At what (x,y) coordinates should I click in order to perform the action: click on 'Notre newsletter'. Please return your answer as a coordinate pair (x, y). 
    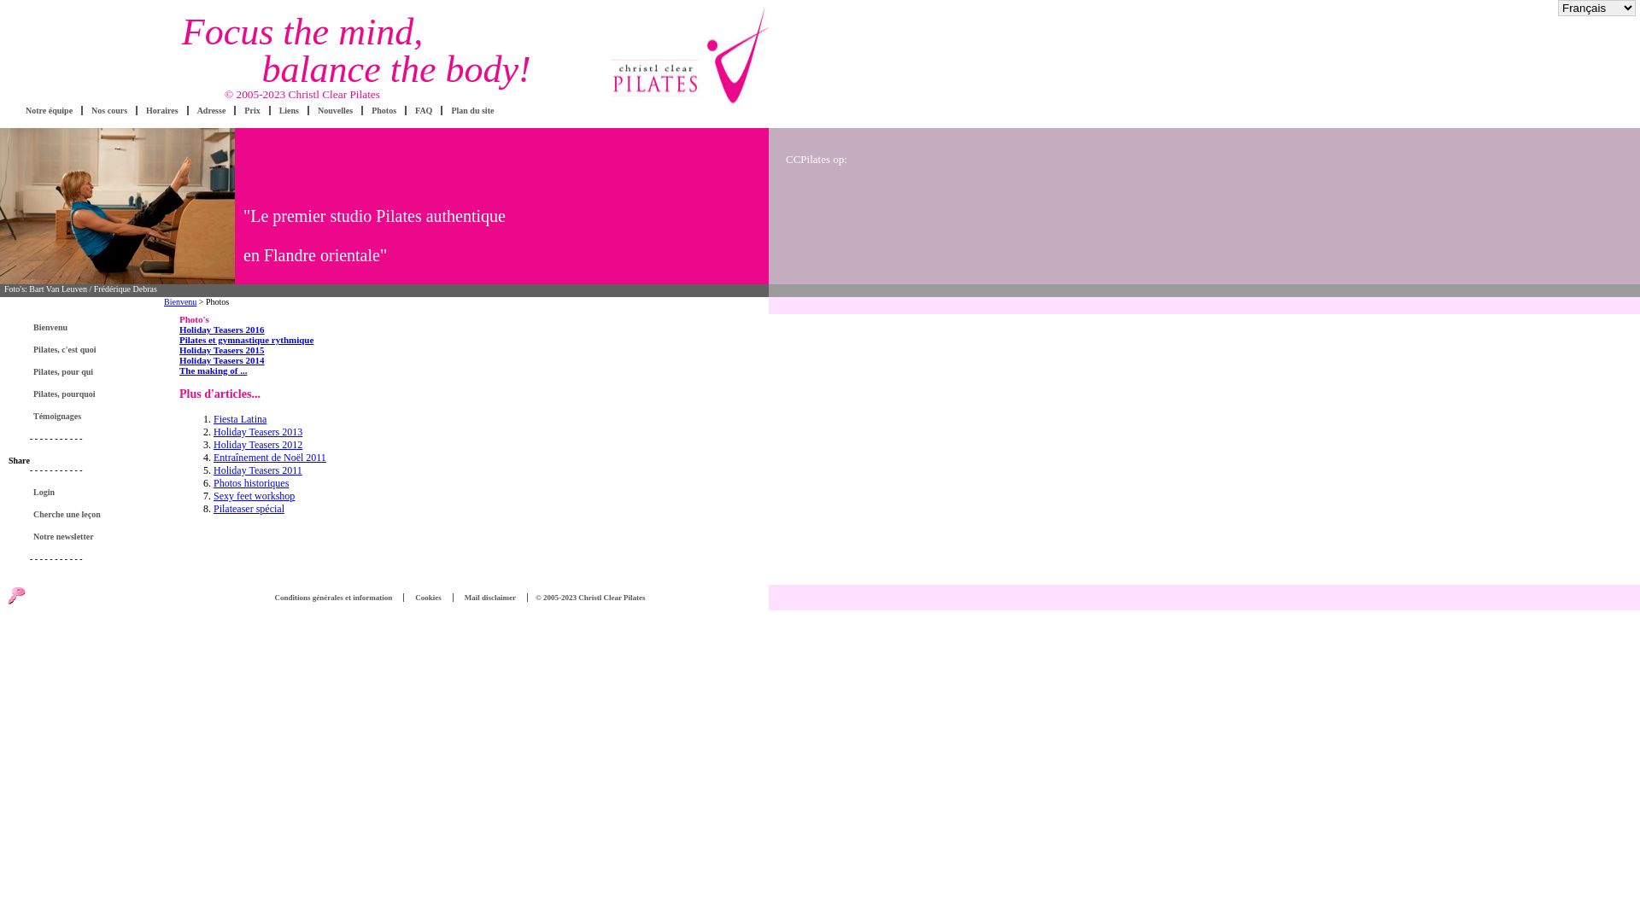
    Looking at the image, I should click on (63, 535).